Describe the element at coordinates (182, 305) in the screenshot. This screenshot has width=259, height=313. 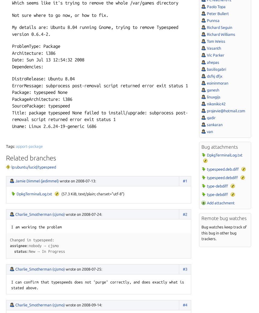
I see `'#4'` at that location.